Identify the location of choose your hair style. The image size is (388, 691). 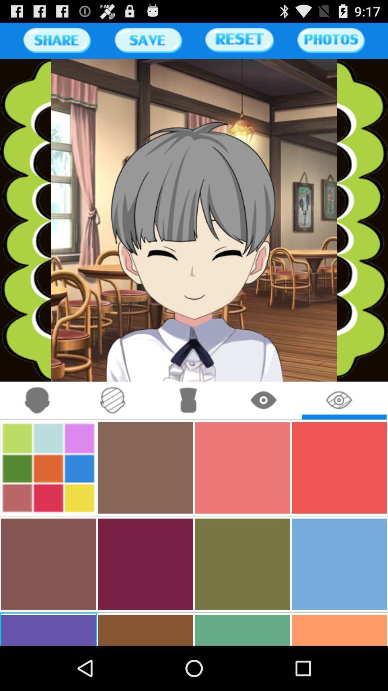
(188, 400).